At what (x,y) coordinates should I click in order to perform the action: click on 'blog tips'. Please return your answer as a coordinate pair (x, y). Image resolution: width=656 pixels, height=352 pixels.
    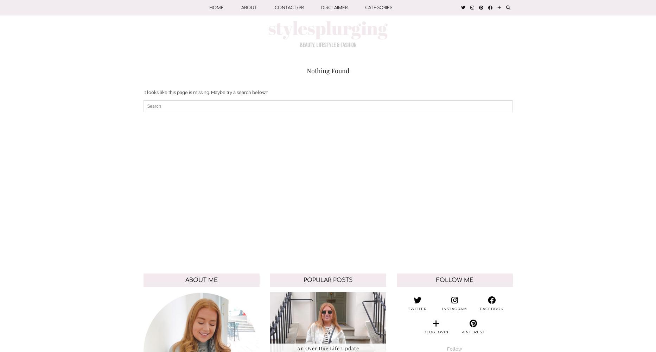
    Looking at the image, I should click on (376, 95).